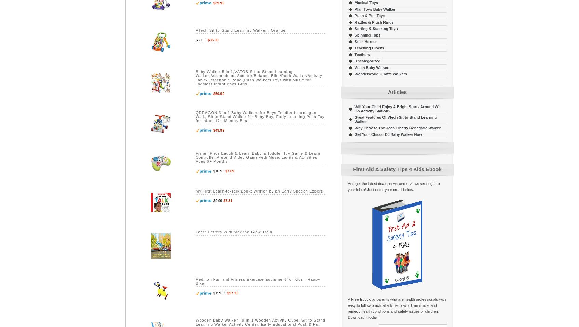  I want to click on 'Stick Horses', so click(366, 41).